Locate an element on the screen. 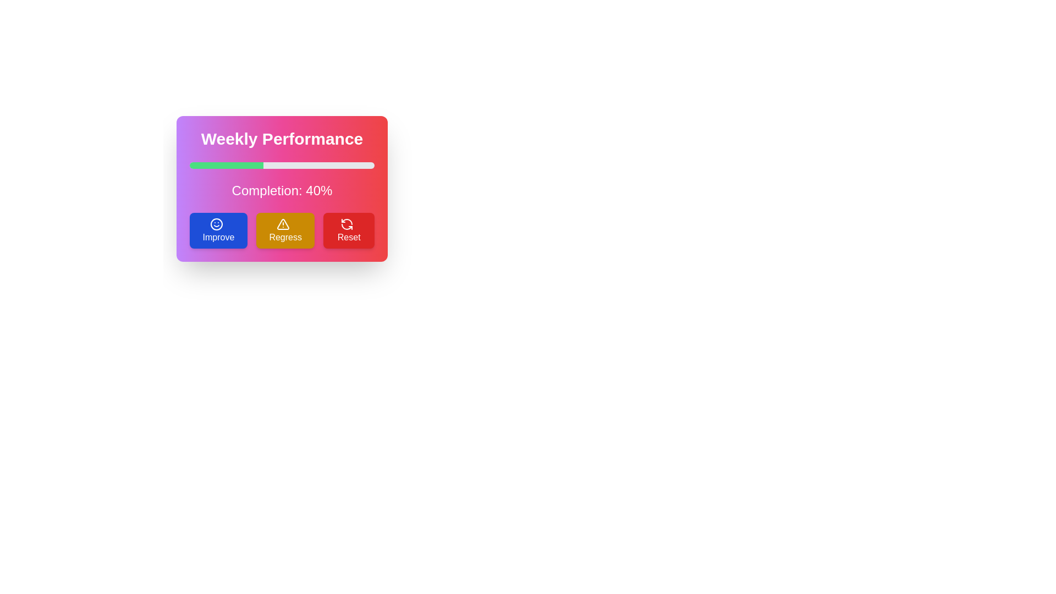  the 'Reset' button located at the bottom of the card titled 'Weekly Performance' is located at coordinates (346, 223).